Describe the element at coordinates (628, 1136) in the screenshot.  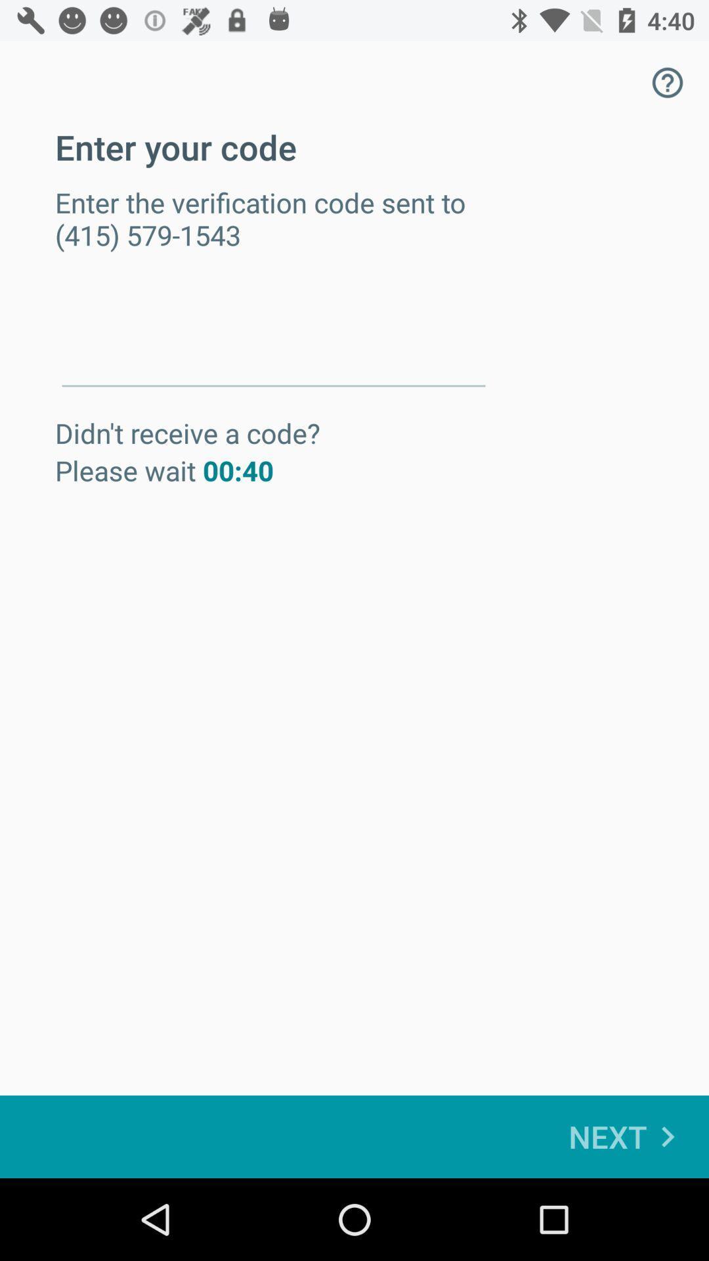
I see `the next icon` at that location.